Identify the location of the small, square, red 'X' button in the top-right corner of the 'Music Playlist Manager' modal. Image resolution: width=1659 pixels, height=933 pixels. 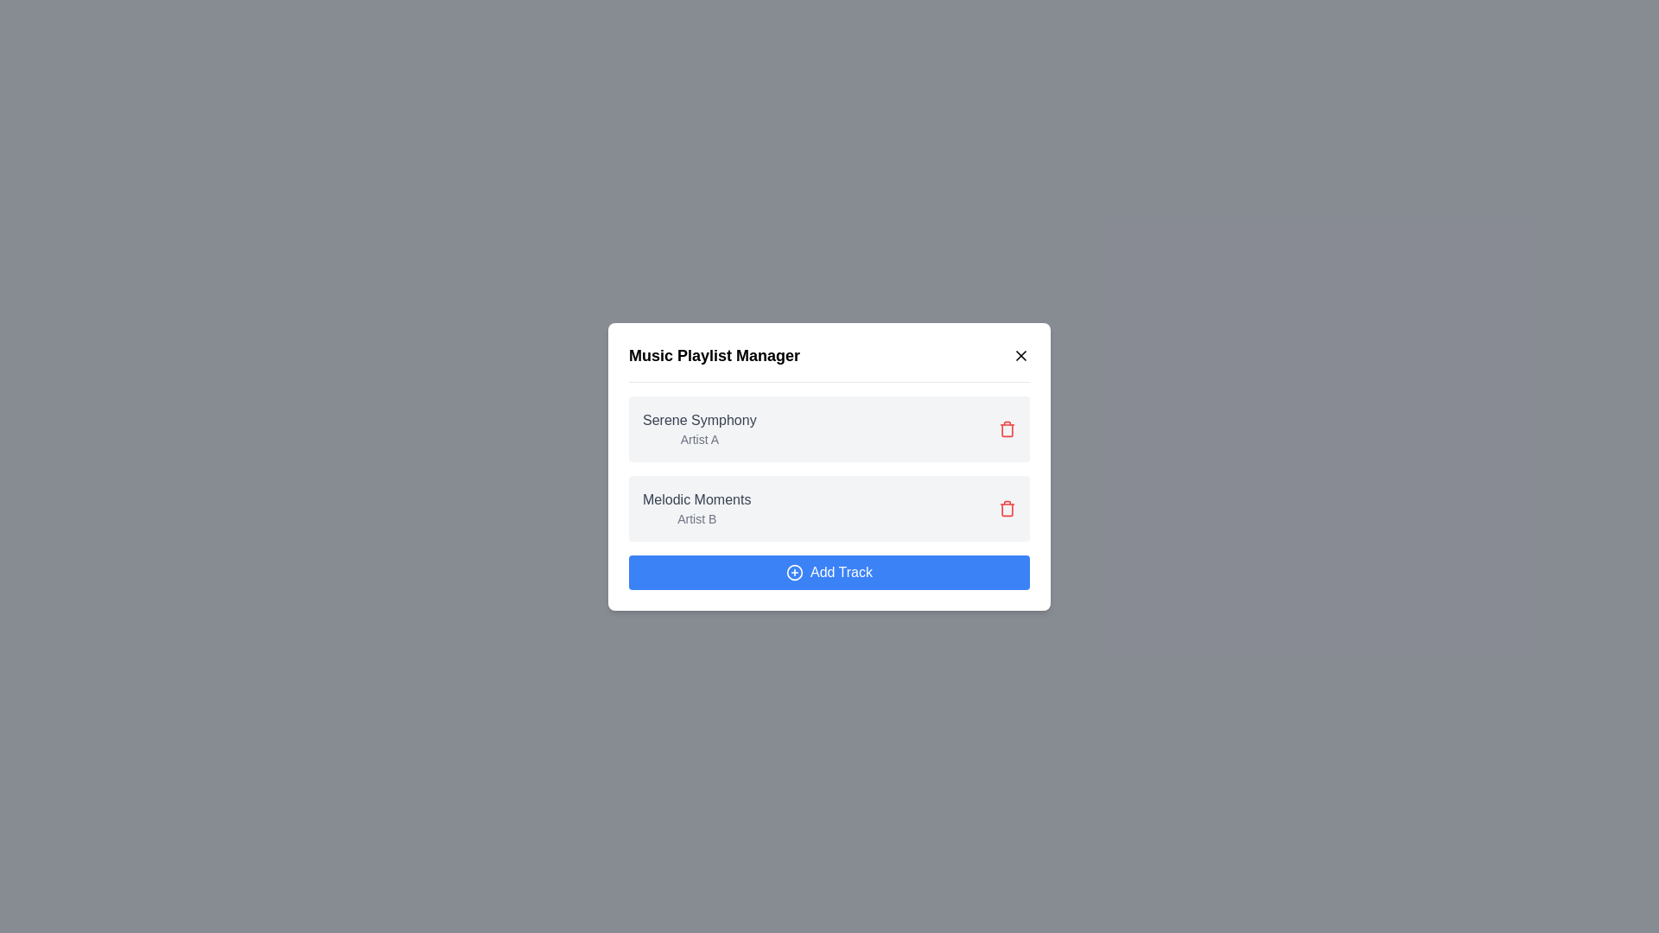
(1020, 354).